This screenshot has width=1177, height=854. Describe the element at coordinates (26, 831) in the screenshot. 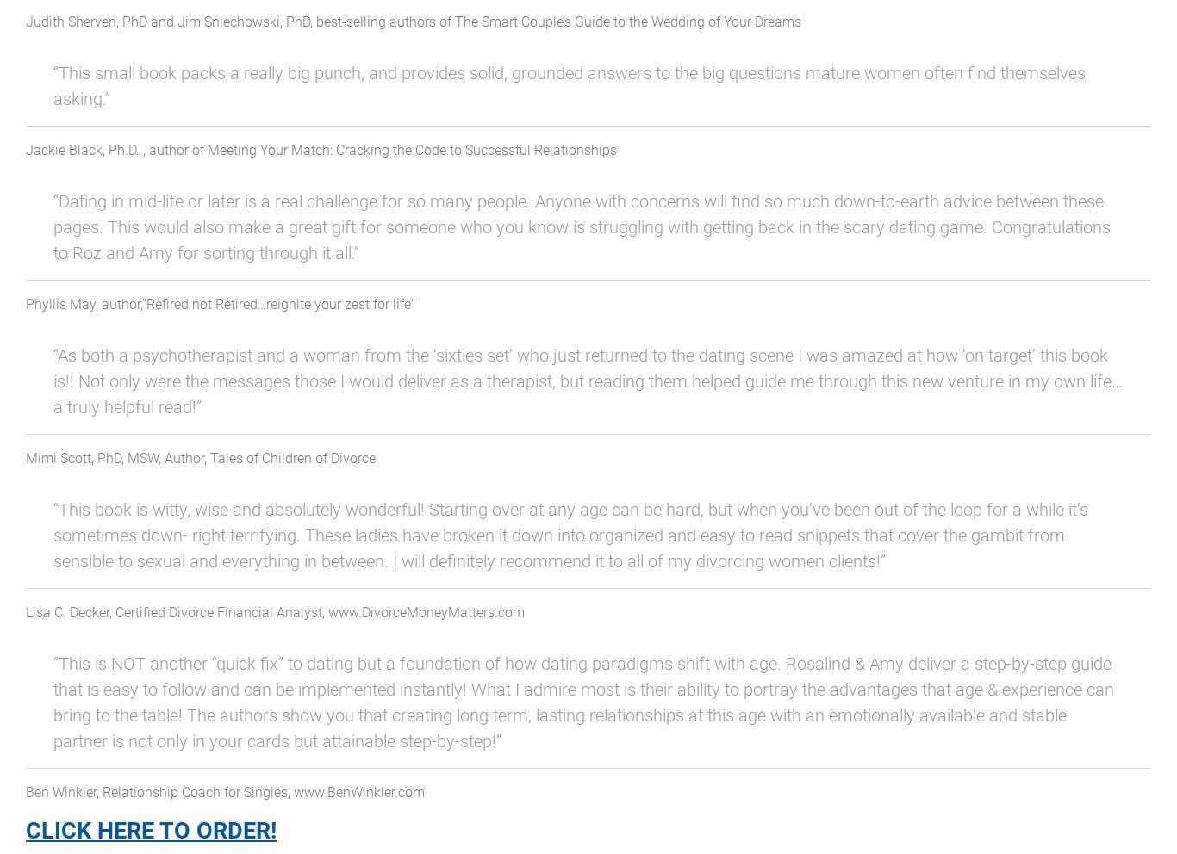

I see `'CLICK HERE TO ORDER!'` at that location.